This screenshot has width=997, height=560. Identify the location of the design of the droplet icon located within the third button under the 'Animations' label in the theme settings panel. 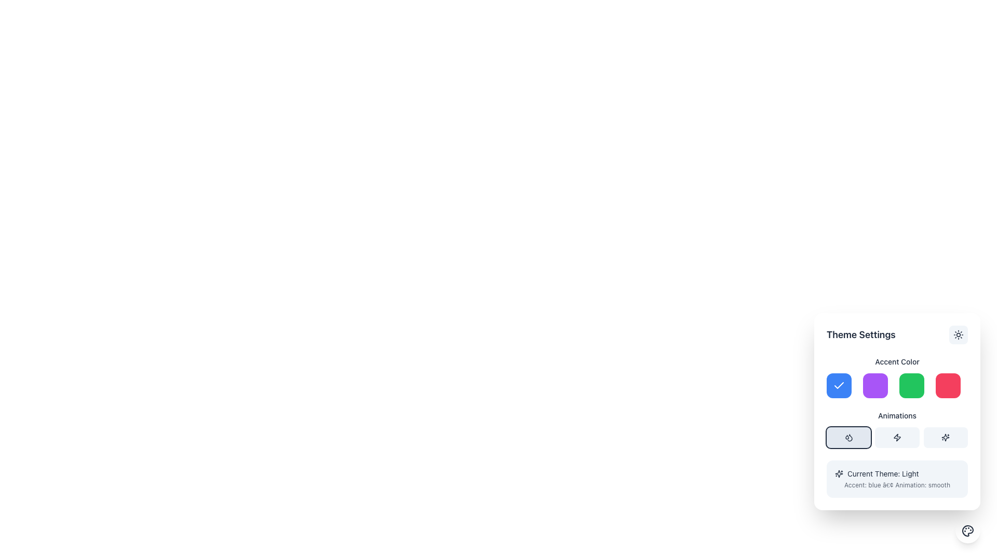
(850, 438).